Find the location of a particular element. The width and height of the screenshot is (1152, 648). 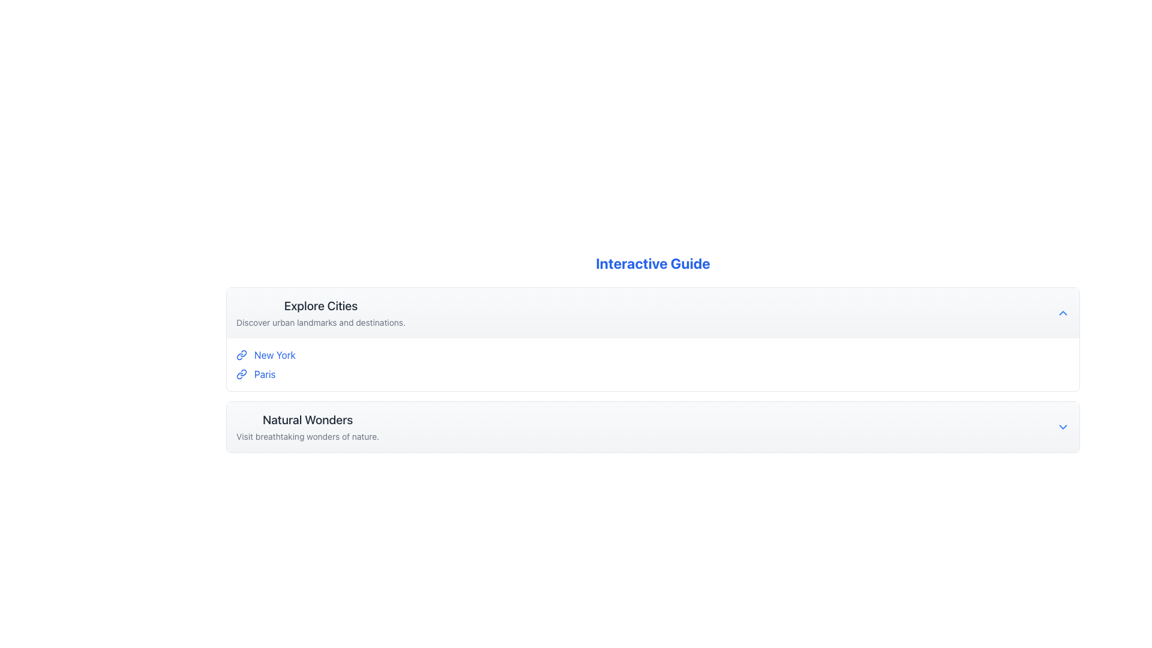

the 'Explore Cities' text label which is prominently displayed in a large, weighty style at the top of the section with dark gray color on a light gray background is located at coordinates (321, 305).